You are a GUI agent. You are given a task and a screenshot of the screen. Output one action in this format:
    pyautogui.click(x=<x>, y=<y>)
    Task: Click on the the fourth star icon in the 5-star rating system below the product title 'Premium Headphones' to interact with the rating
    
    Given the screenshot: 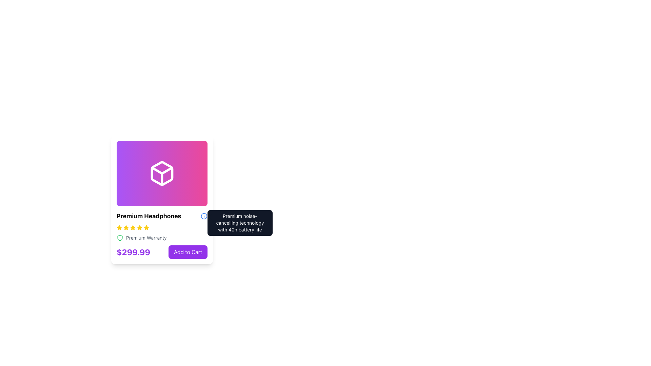 What is the action you would take?
    pyautogui.click(x=146, y=227)
    